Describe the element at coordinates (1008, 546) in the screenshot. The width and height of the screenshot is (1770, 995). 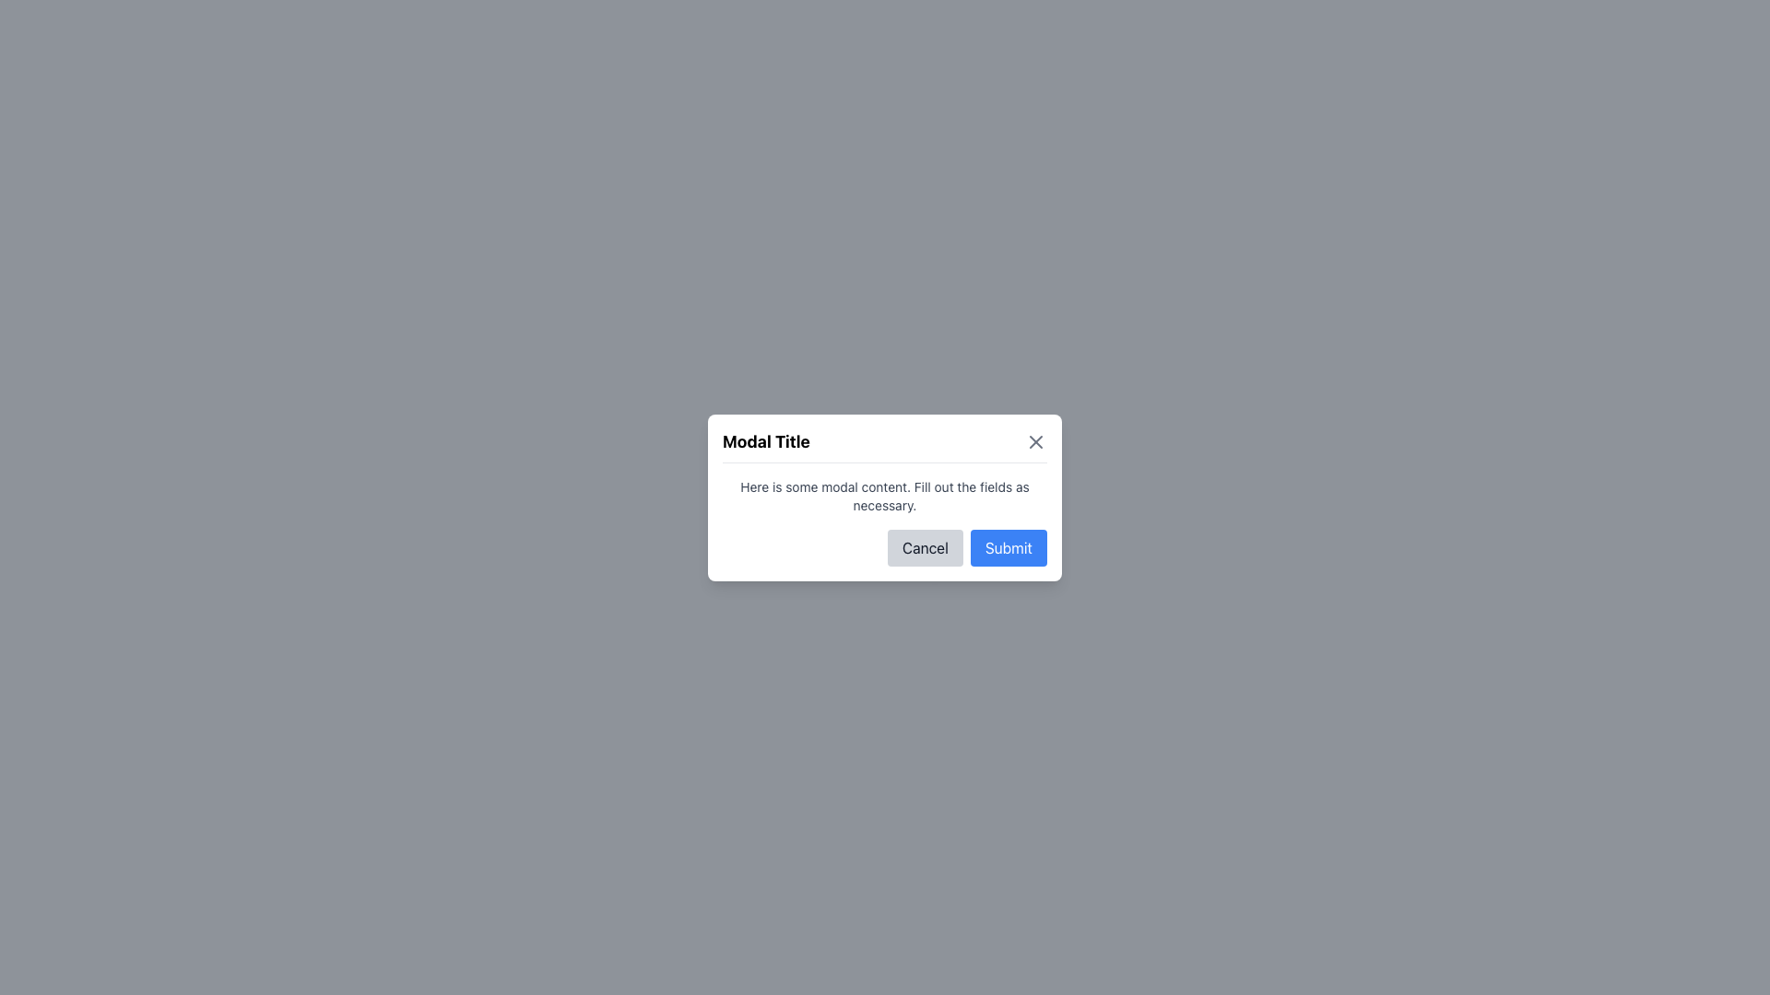
I see `the 'Submit' button with a blue background and white text located at the bottom-right corner of the modal window` at that location.